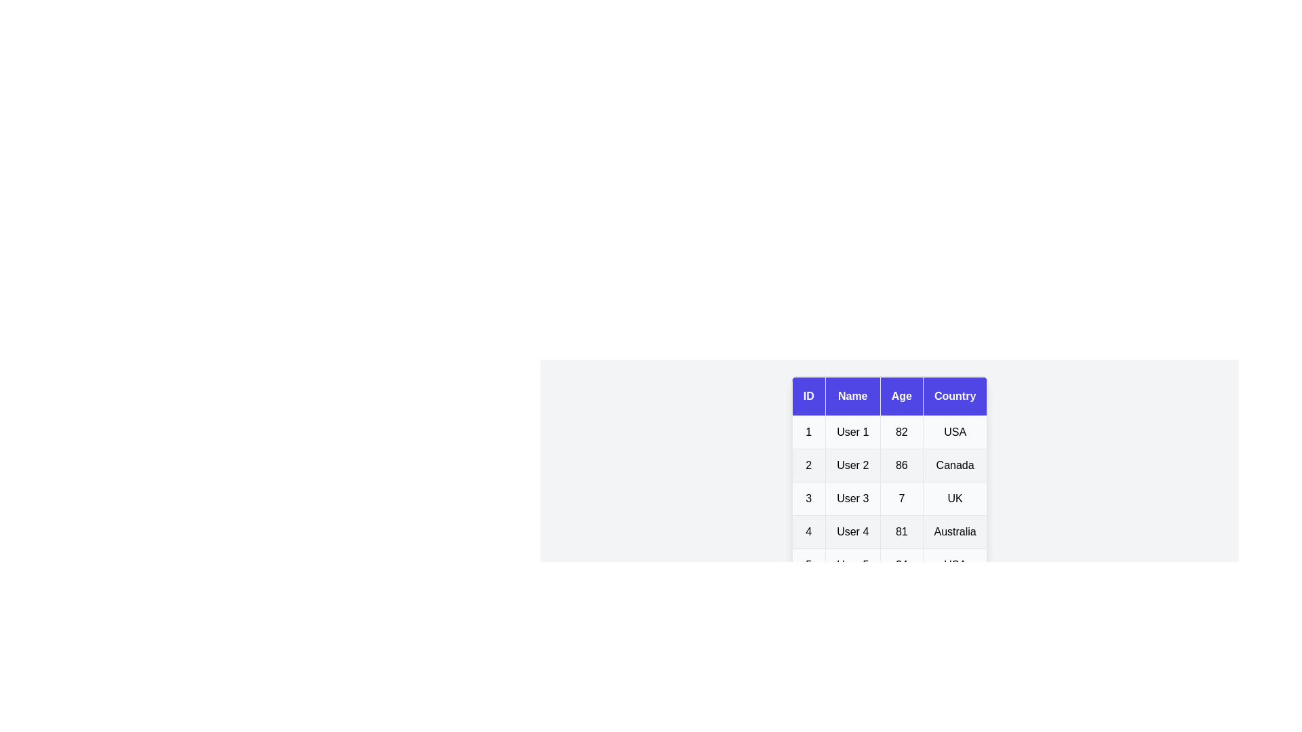  Describe the element at coordinates (808, 396) in the screenshot. I see `the ID header to sort the table` at that location.